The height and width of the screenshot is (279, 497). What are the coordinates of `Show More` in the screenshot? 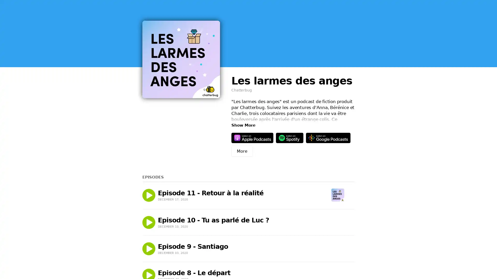 It's located at (243, 125).